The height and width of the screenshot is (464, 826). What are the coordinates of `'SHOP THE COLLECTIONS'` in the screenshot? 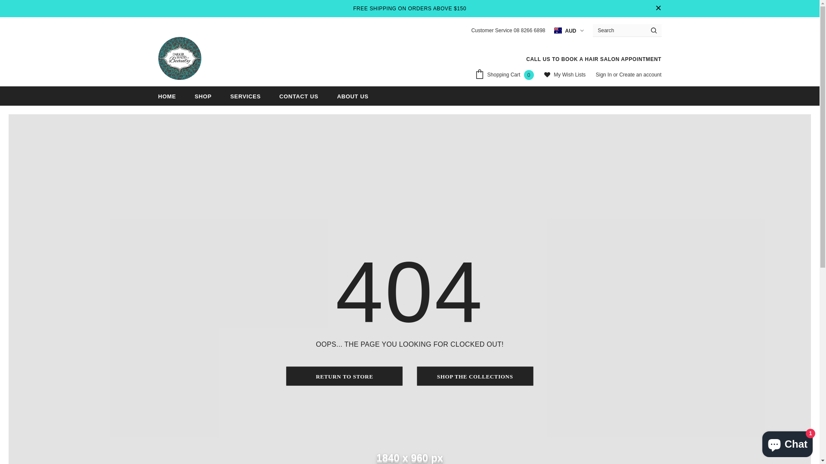 It's located at (475, 375).